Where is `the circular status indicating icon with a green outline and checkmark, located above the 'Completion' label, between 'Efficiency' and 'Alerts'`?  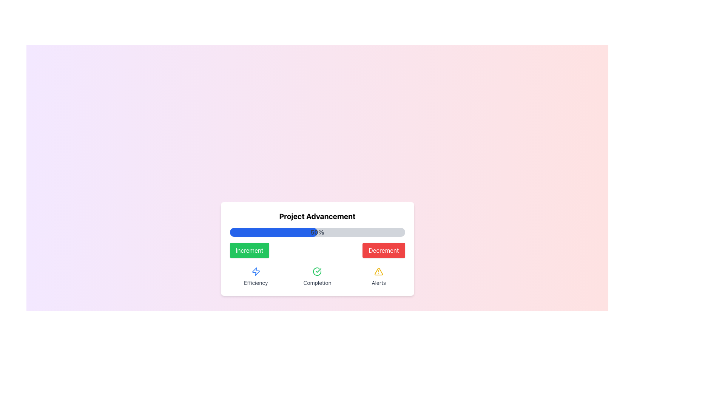 the circular status indicating icon with a green outline and checkmark, located above the 'Completion' label, between 'Efficiency' and 'Alerts' is located at coordinates (317, 271).